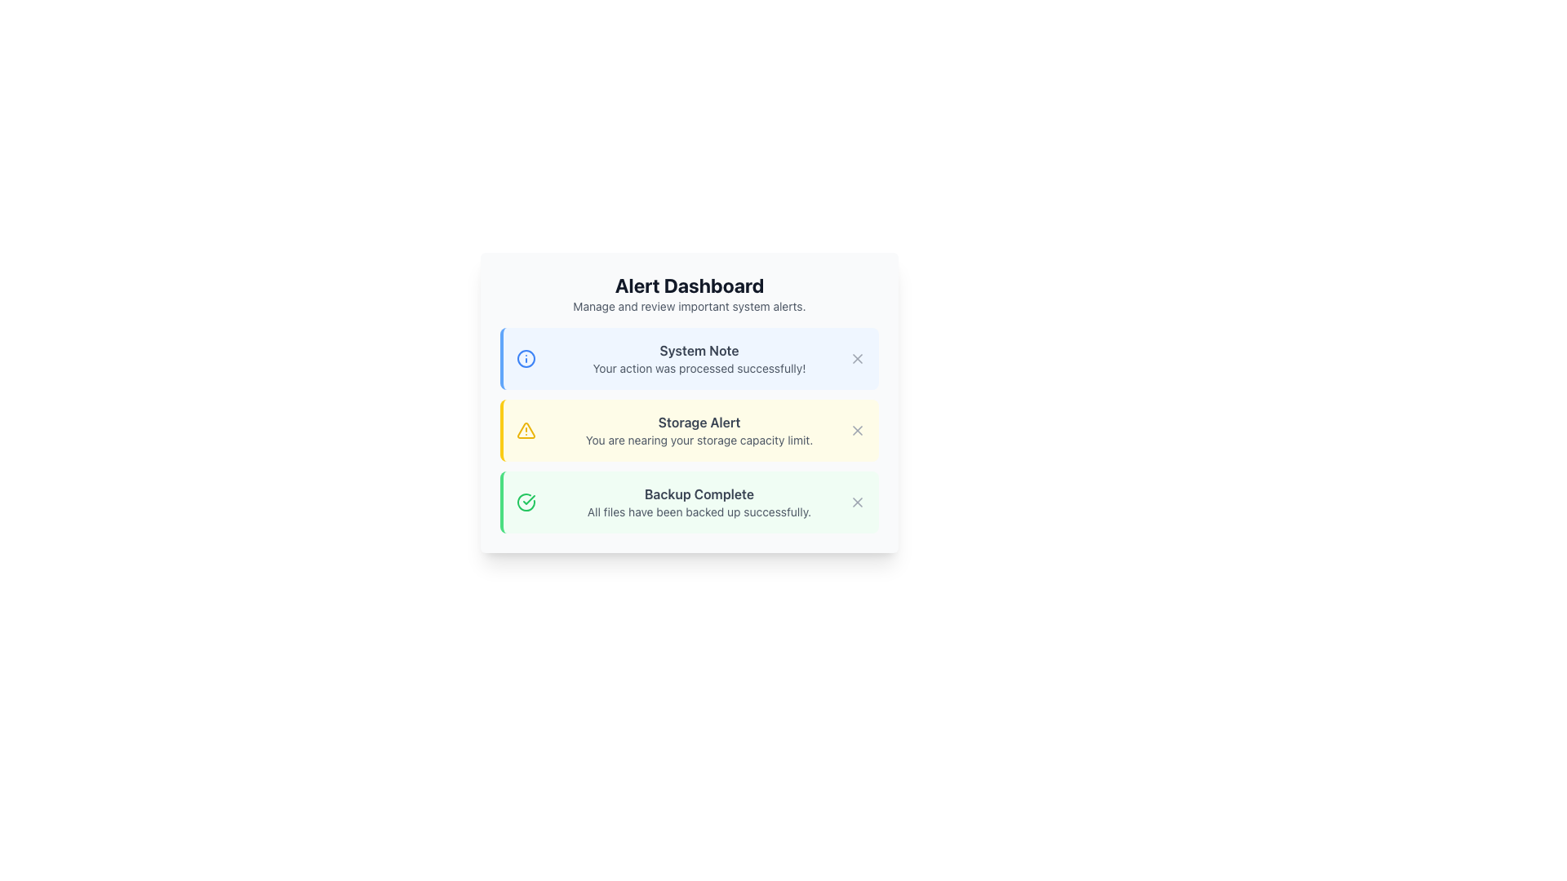 The image size is (1567, 881). What do you see at coordinates (526, 430) in the screenshot?
I see `the yellow triangle warning icon with an exclamation mark inside, located in the 'Storage Alert' notification card` at bounding box center [526, 430].